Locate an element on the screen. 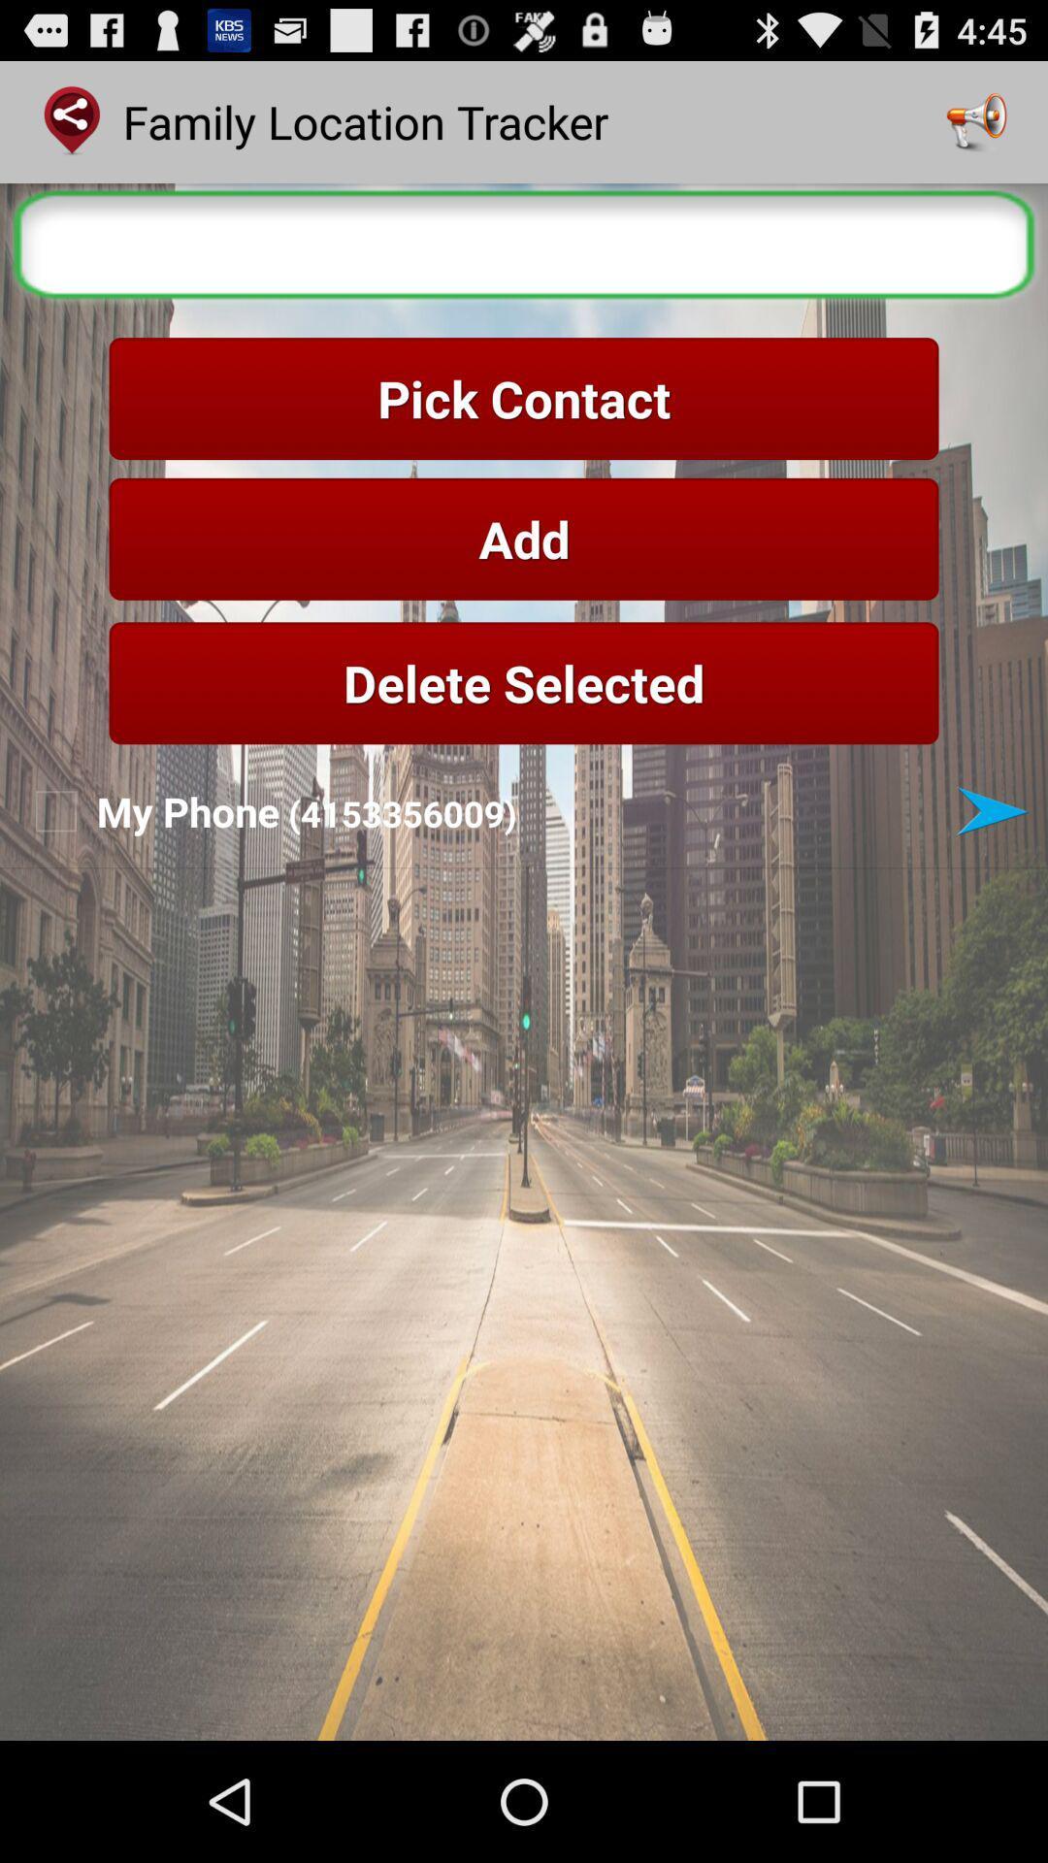 This screenshot has width=1048, height=1863. next is located at coordinates (992, 811).